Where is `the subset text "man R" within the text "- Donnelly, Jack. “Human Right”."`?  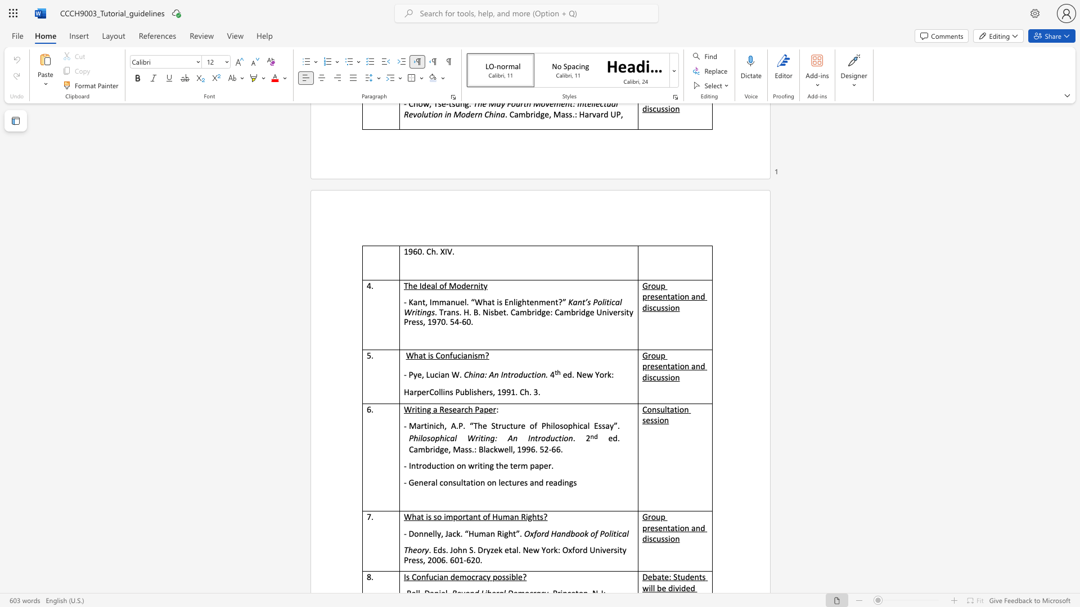
the subset text "man R" within the text "- Donnelly, Jack. “Human Right”." is located at coordinates (479, 533).